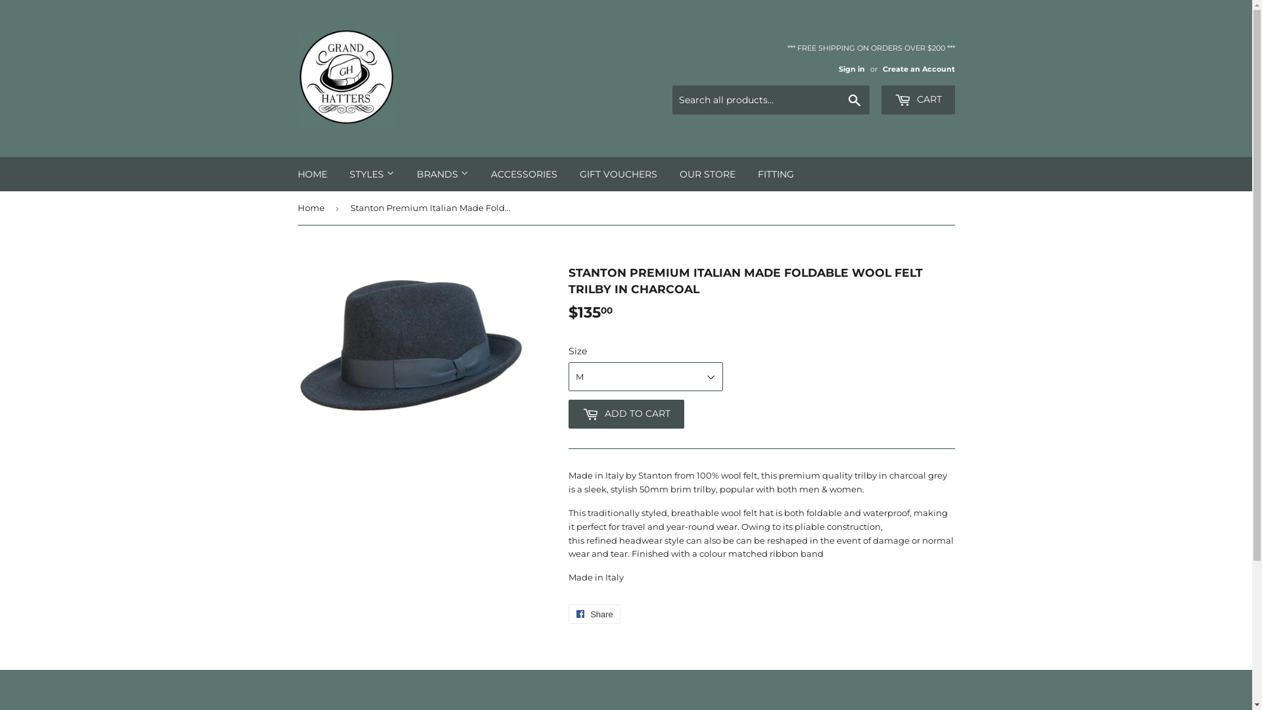  What do you see at coordinates (617, 174) in the screenshot?
I see `'GIFT VOUCHERS'` at bounding box center [617, 174].